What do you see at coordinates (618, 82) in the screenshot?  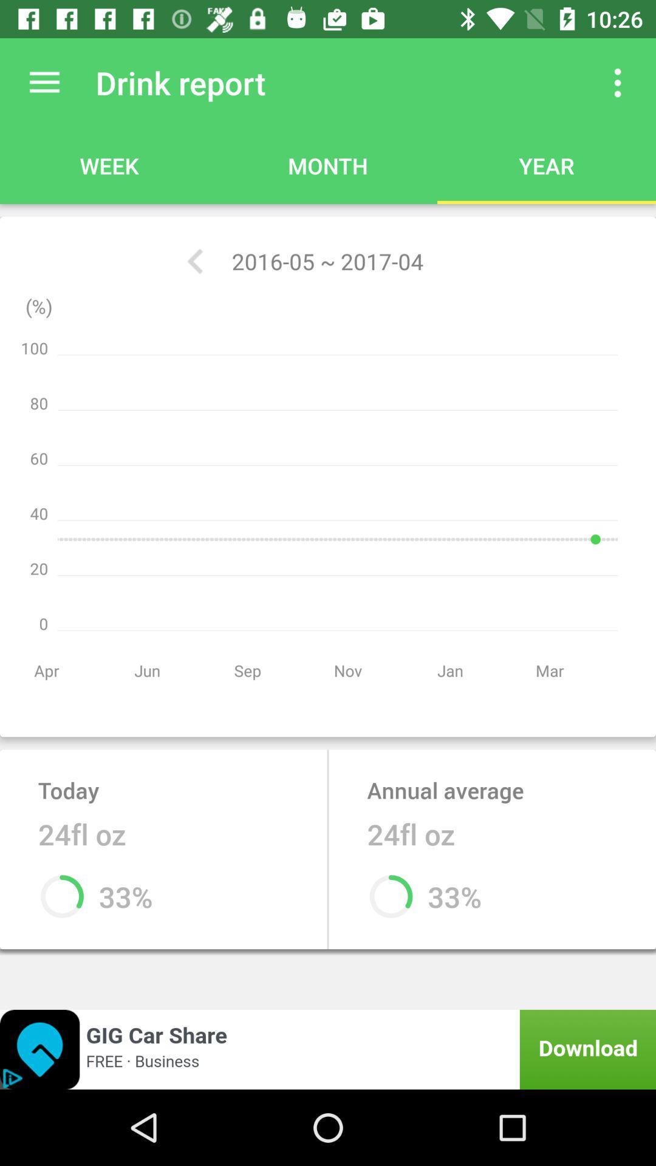 I see `see more options` at bounding box center [618, 82].